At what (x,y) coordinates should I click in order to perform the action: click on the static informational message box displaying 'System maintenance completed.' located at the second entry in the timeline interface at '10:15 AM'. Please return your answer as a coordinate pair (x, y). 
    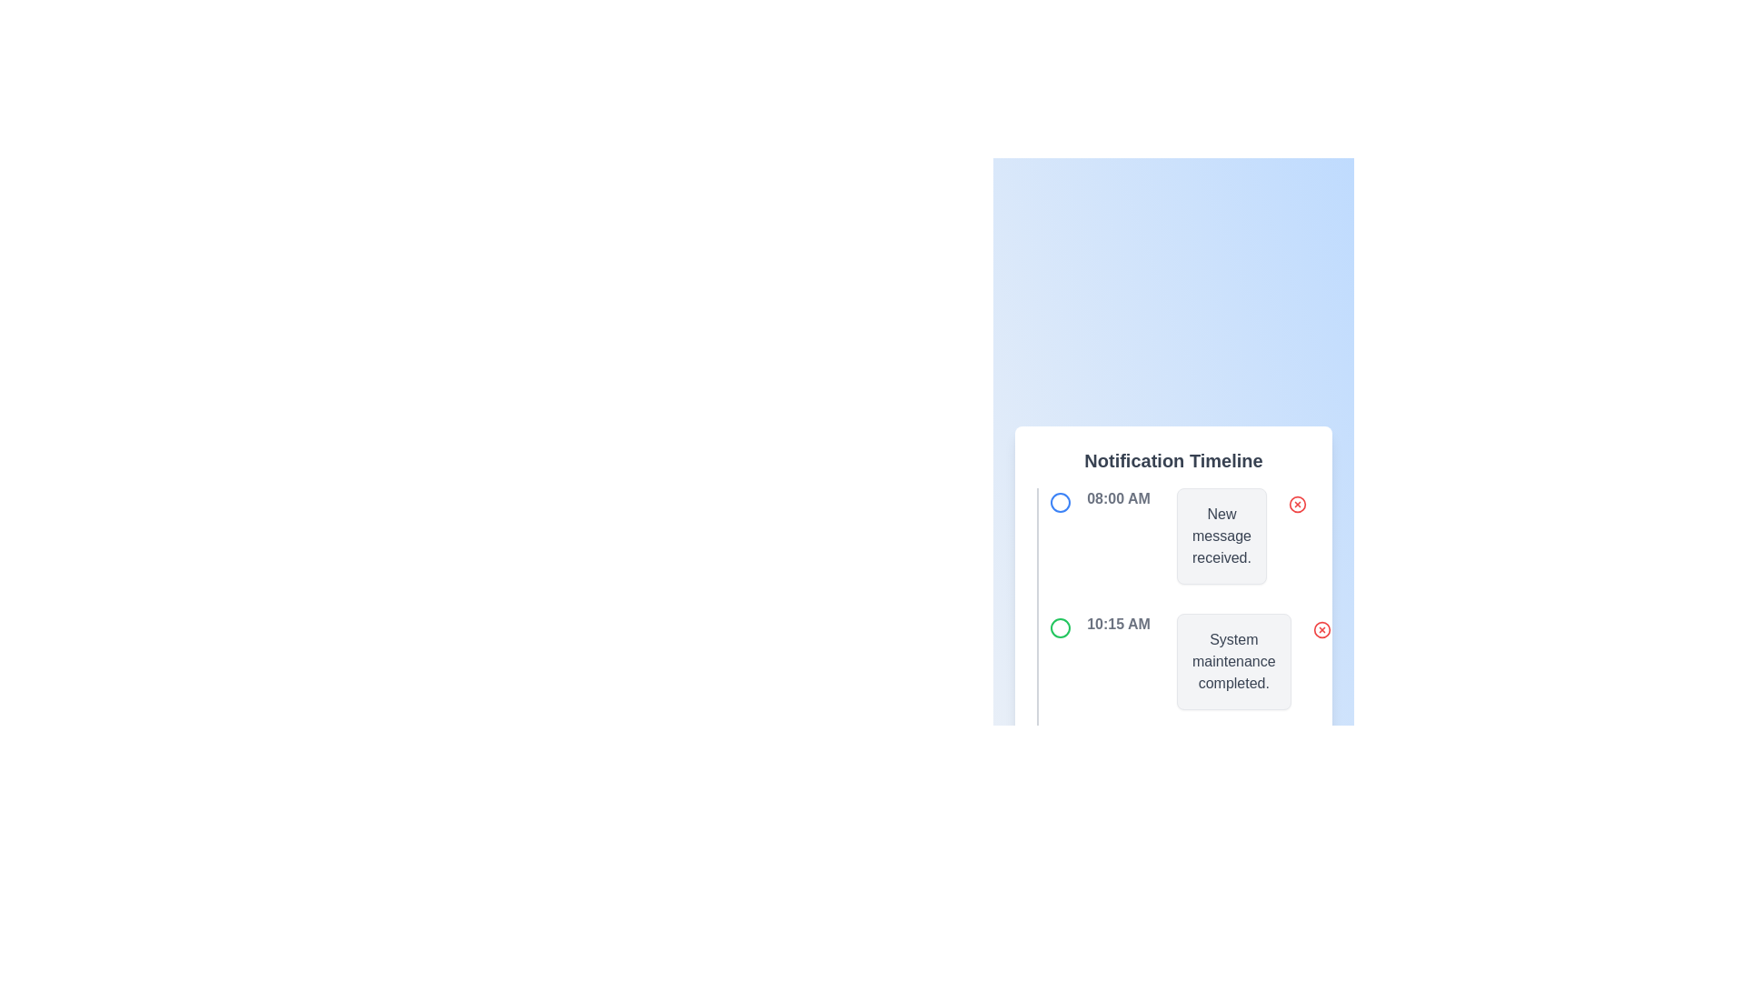
    Looking at the image, I should click on (1233, 662).